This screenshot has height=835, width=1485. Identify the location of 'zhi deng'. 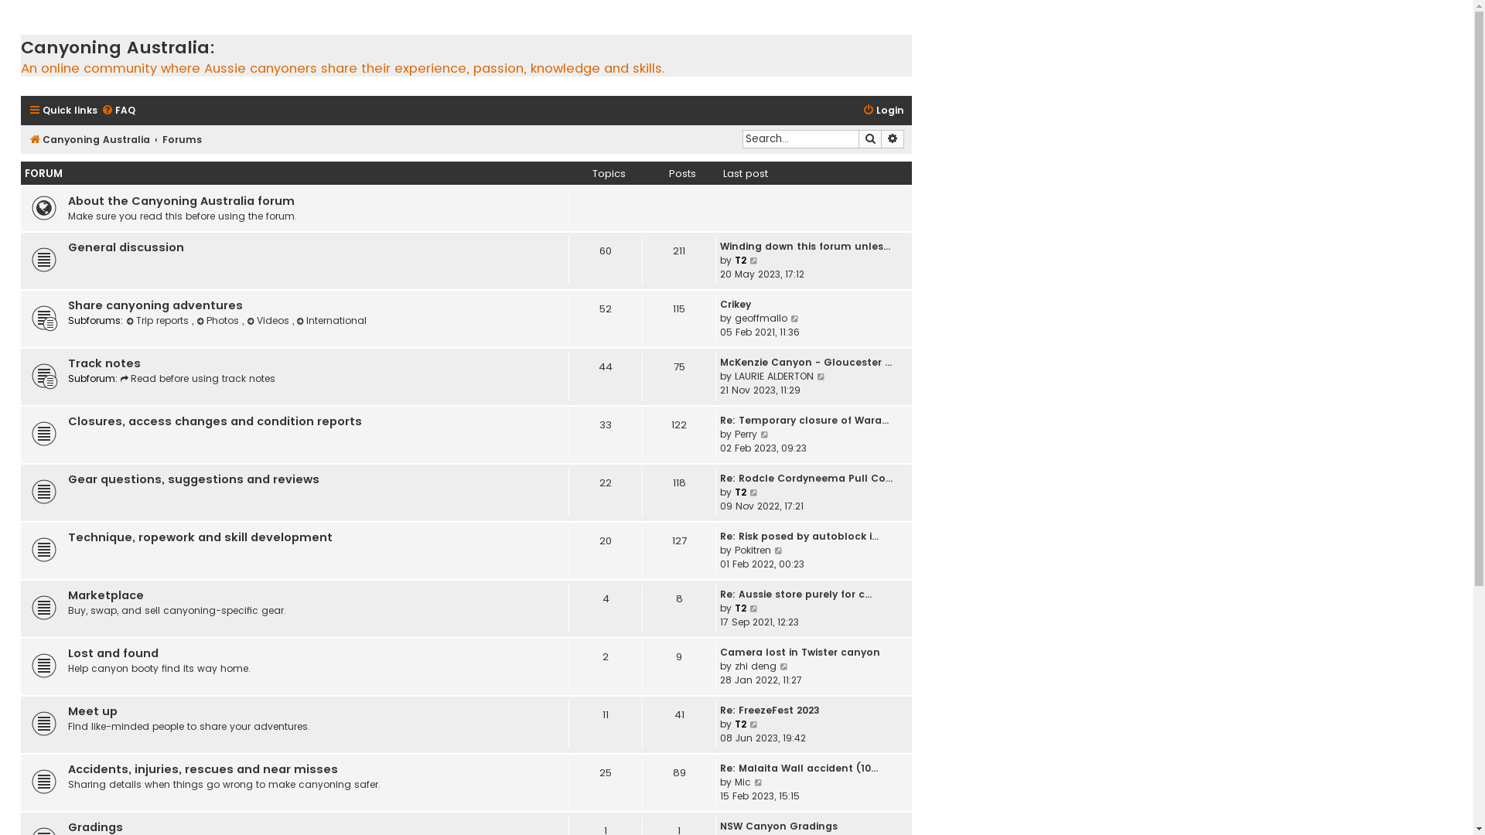
(756, 665).